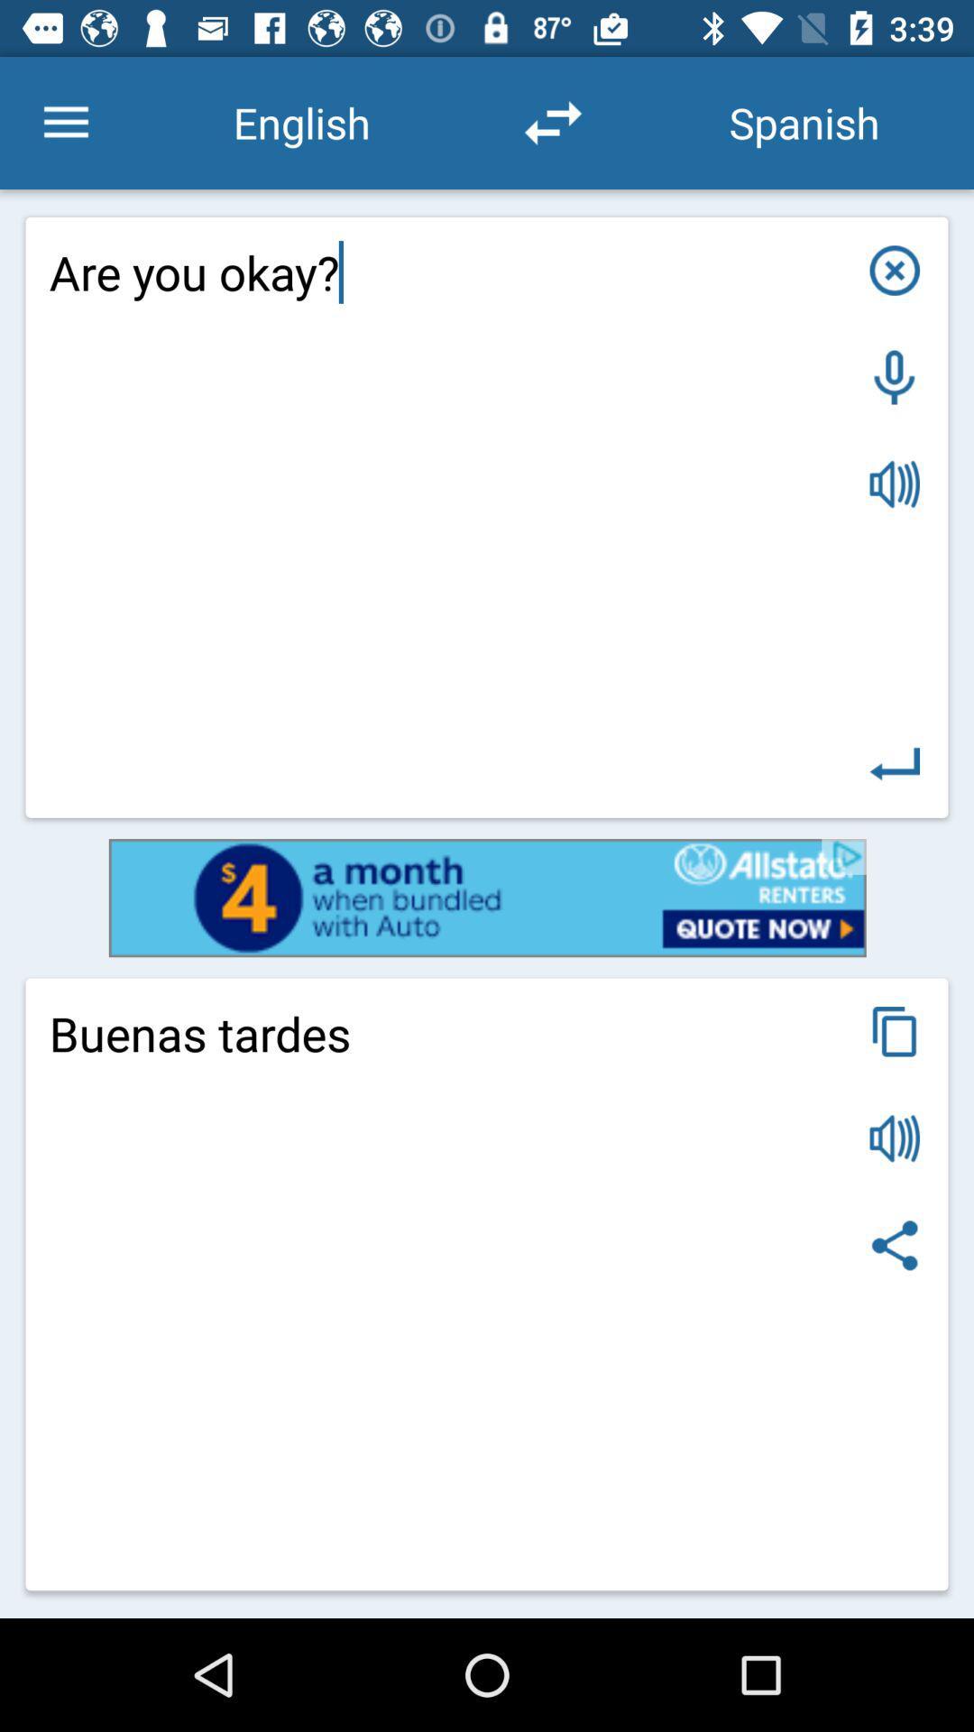  I want to click on sound, so click(895, 1138).